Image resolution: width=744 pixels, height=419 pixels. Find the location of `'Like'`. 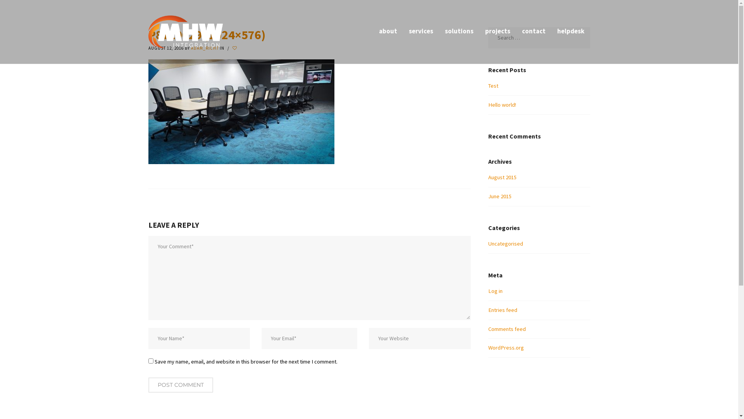

'Like' is located at coordinates (235, 48).